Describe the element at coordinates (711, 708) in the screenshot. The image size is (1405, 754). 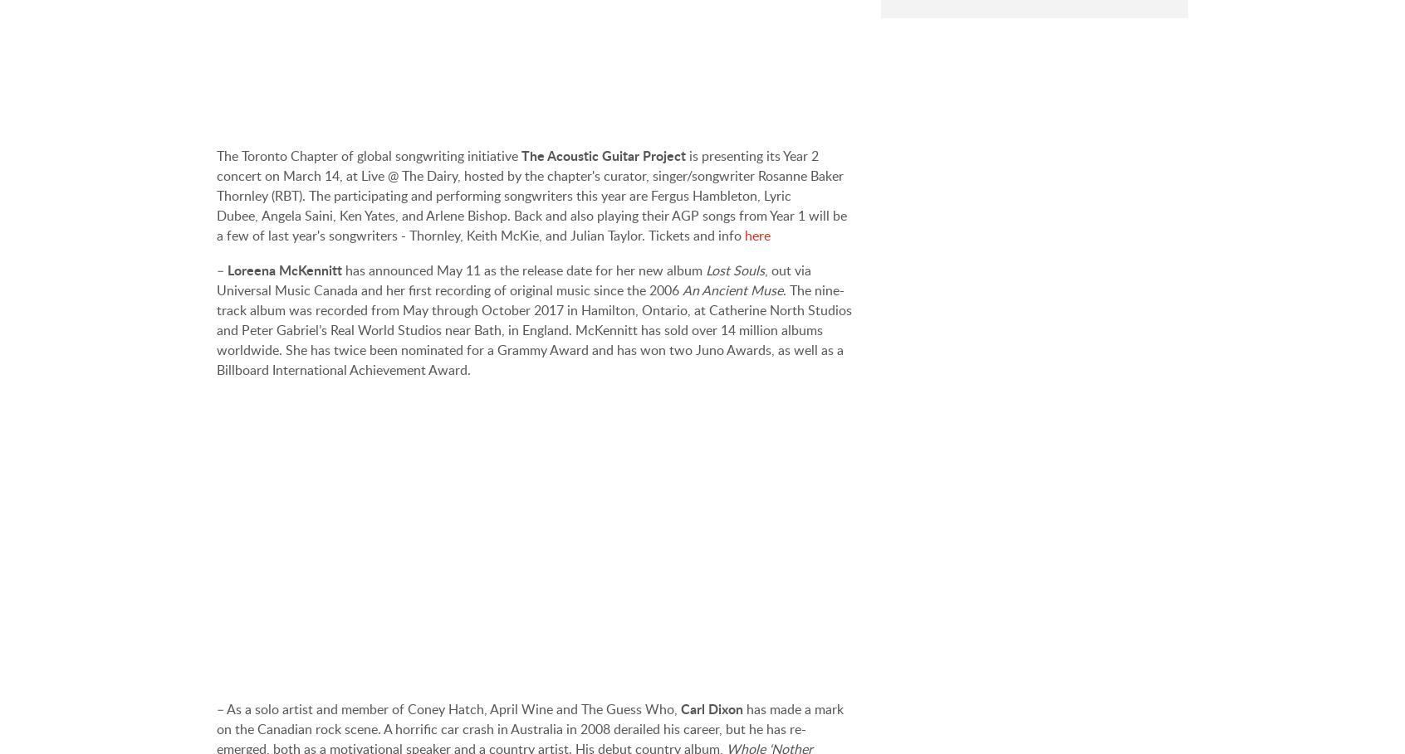
I see `'Carl Dixon'` at that location.